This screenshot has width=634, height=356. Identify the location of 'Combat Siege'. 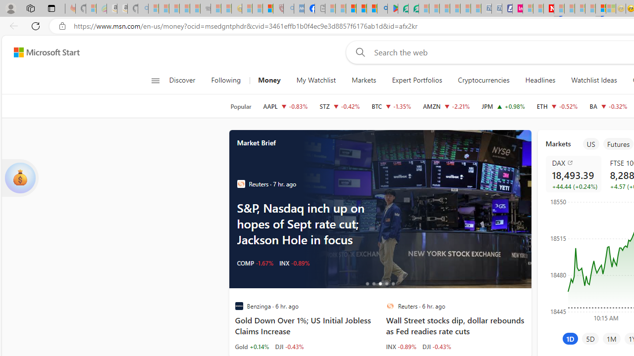
(205, 8).